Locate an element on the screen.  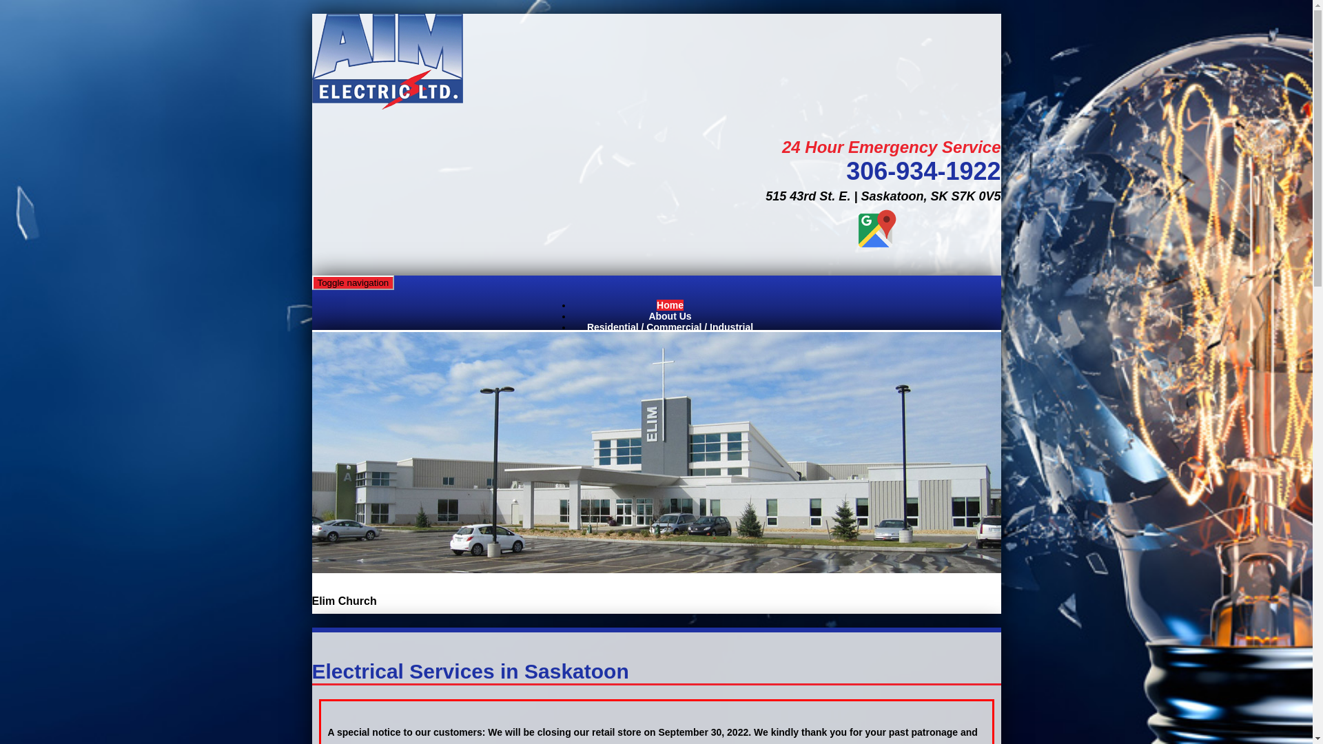
'Home' is located at coordinates (670, 304).